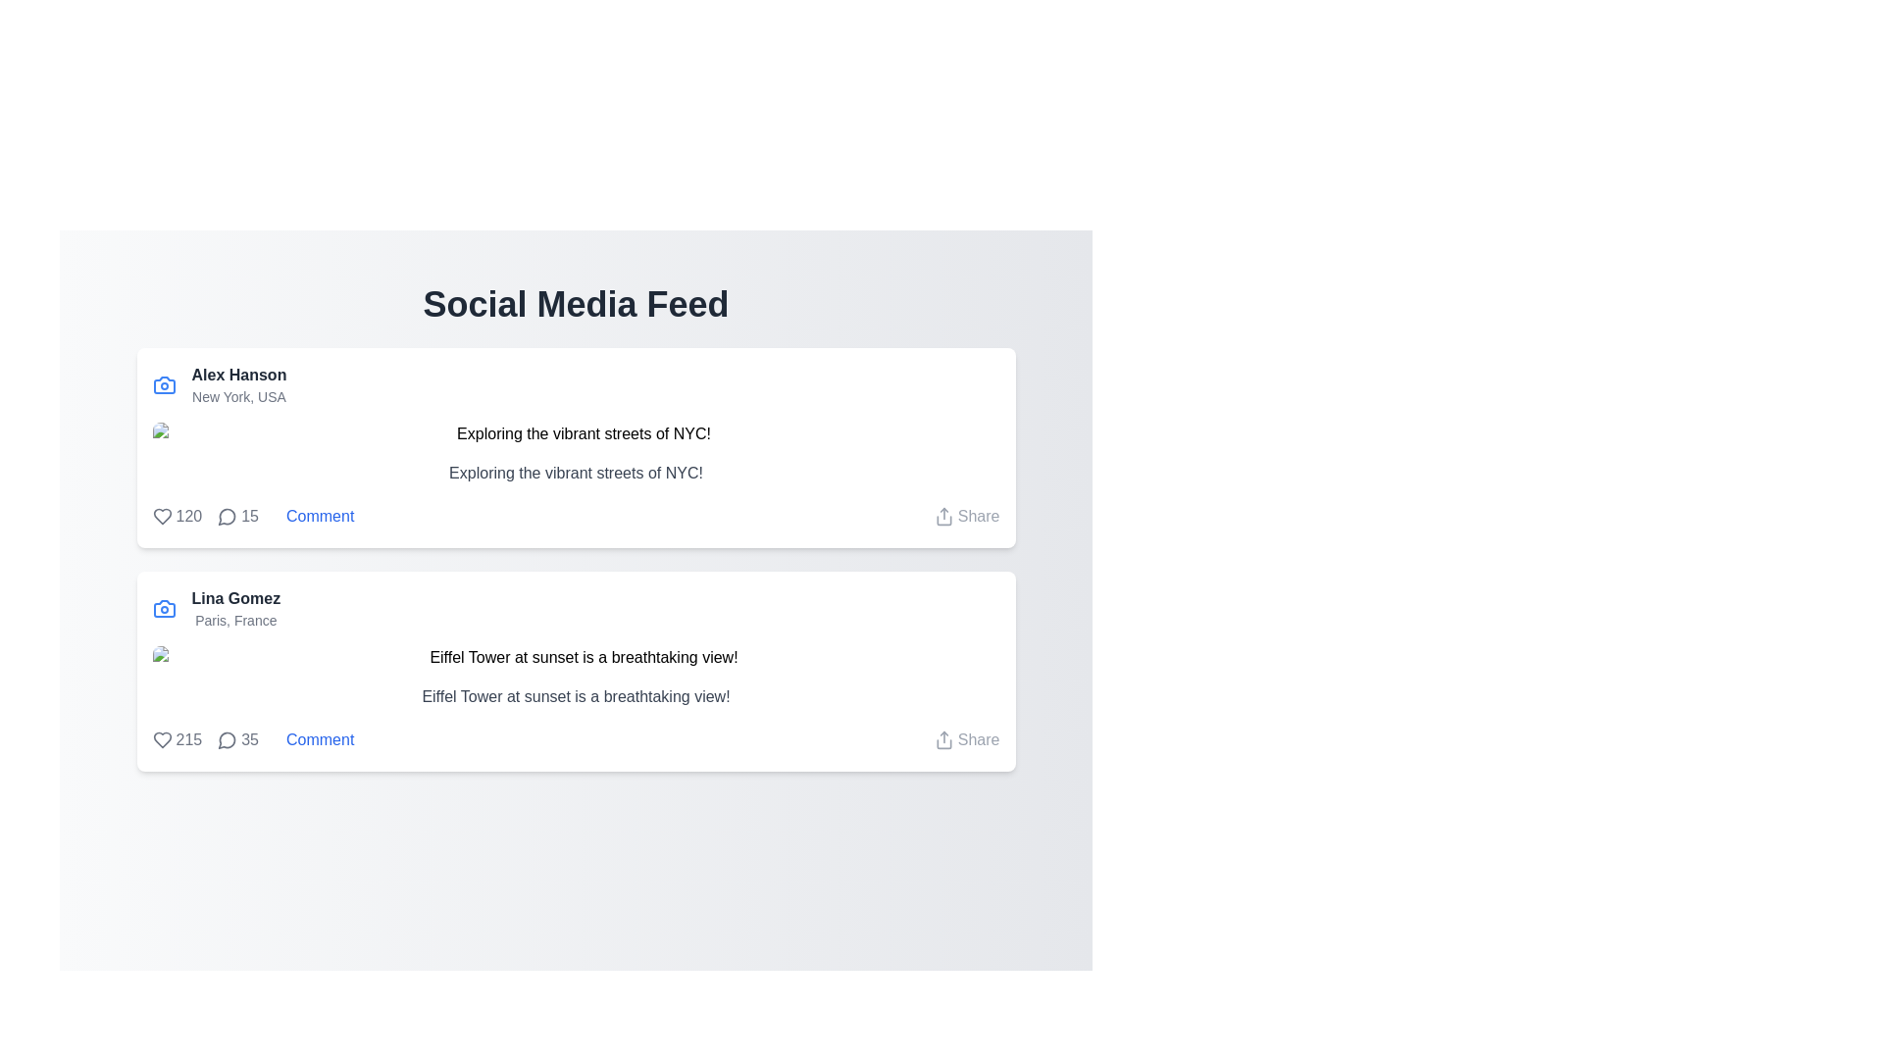 Image resolution: width=1883 pixels, height=1059 pixels. What do you see at coordinates (227, 516) in the screenshot?
I see `the chat bubble icon representing the comments section of the post` at bounding box center [227, 516].